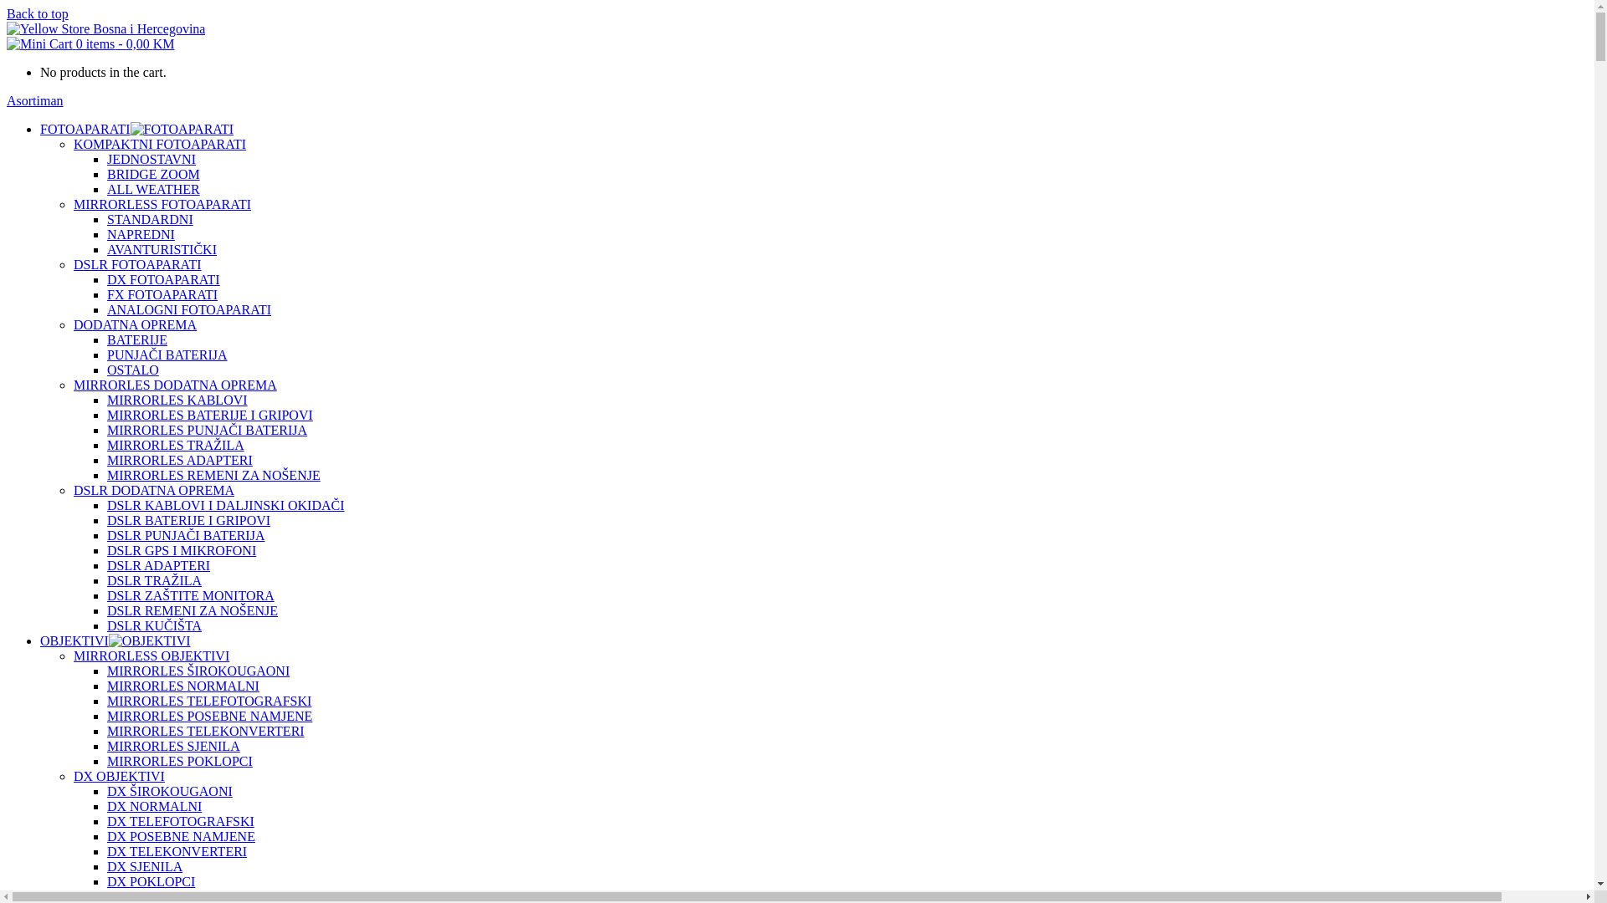 Image resolution: width=1607 pixels, height=903 pixels. What do you see at coordinates (180, 761) in the screenshot?
I see `'MIRRORLES POKLOPCI'` at bounding box center [180, 761].